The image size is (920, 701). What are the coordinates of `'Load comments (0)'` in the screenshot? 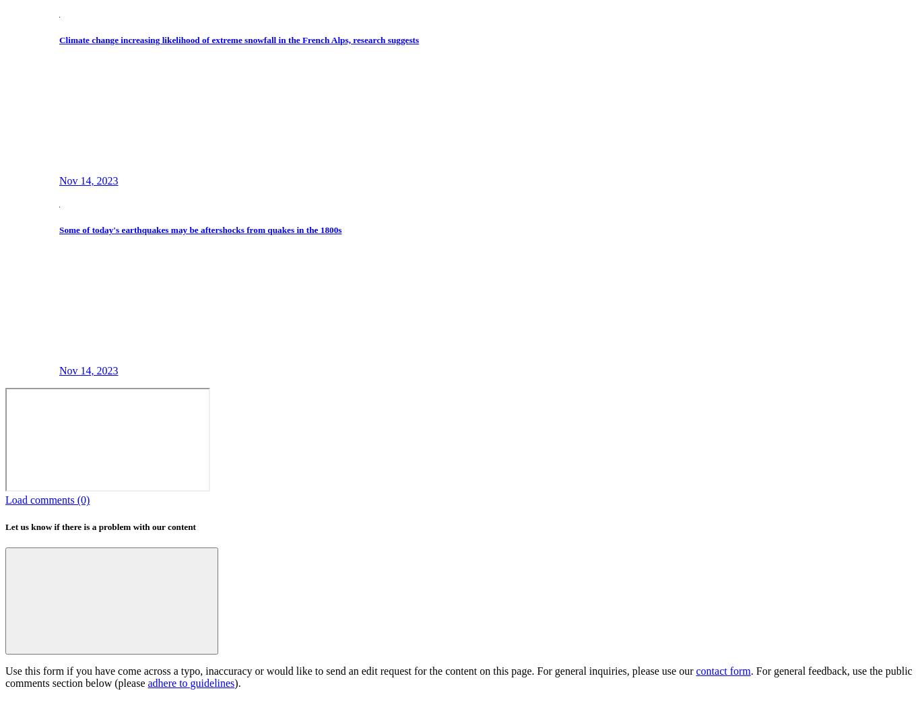 It's located at (5, 500).